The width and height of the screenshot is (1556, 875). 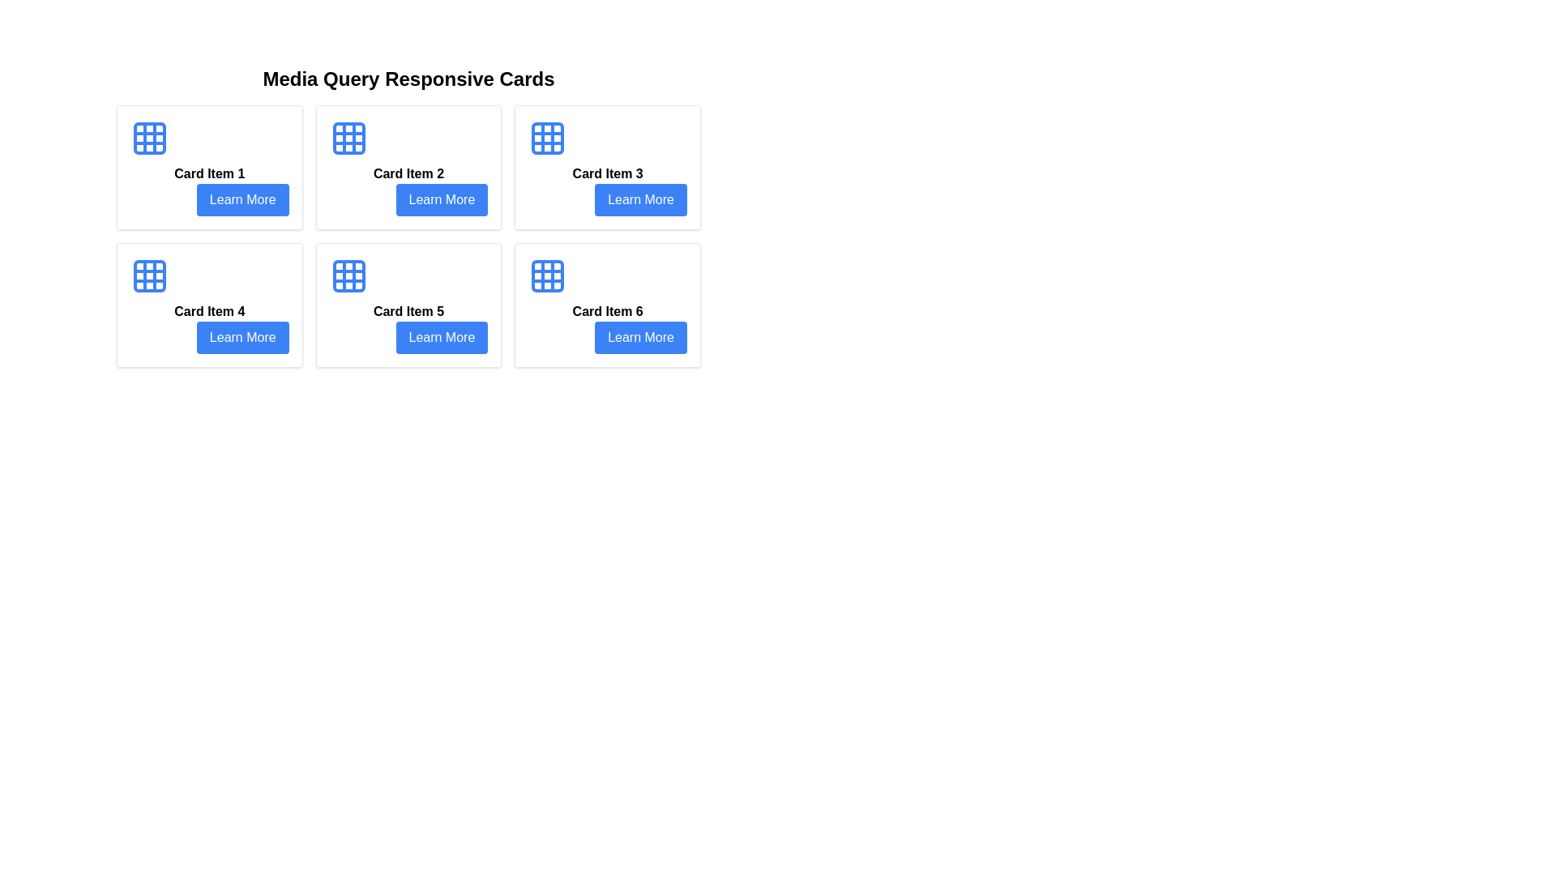 What do you see at coordinates (548, 137) in the screenshot?
I see `the decorative icon located at the top-left segment of 'Card Item 3', which visually represents a grid view or category association` at bounding box center [548, 137].